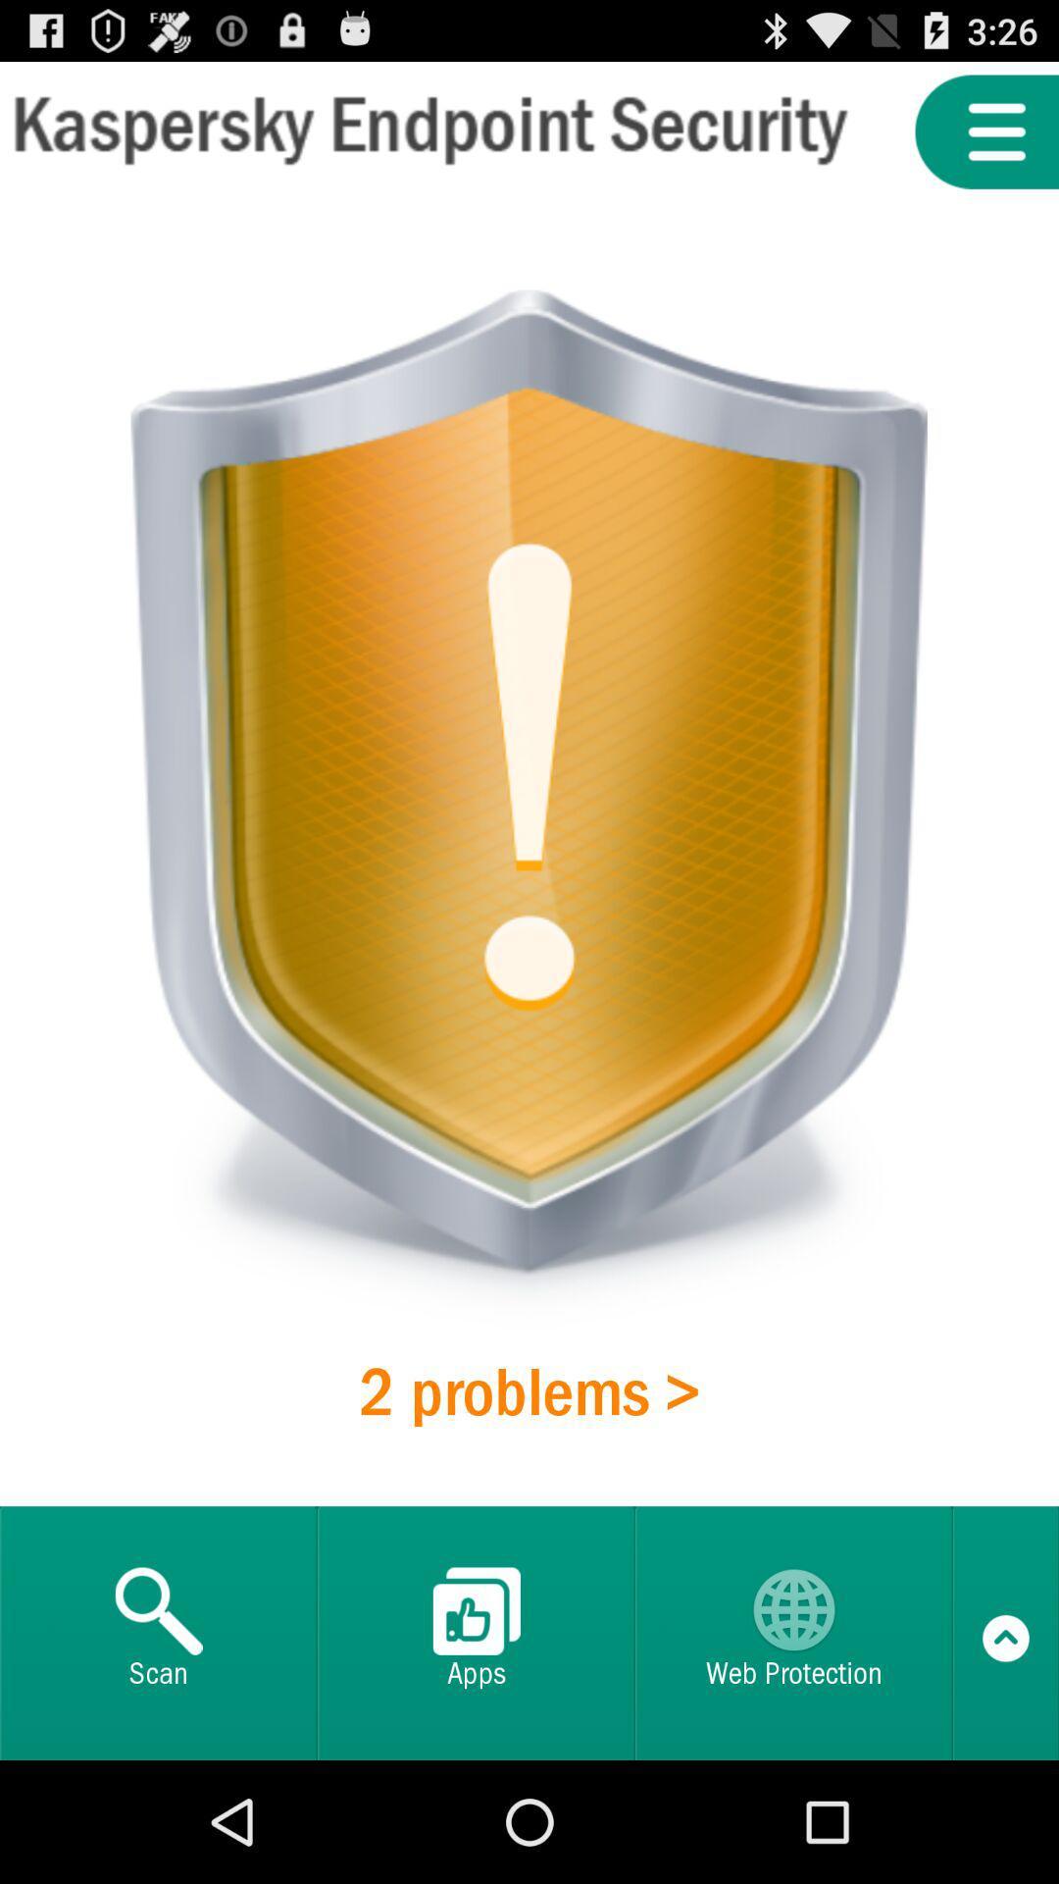 Image resolution: width=1059 pixels, height=1884 pixels. What do you see at coordinates (986, 131) in the screenshot?
I see `open menu` at bounding box center [986, 131].